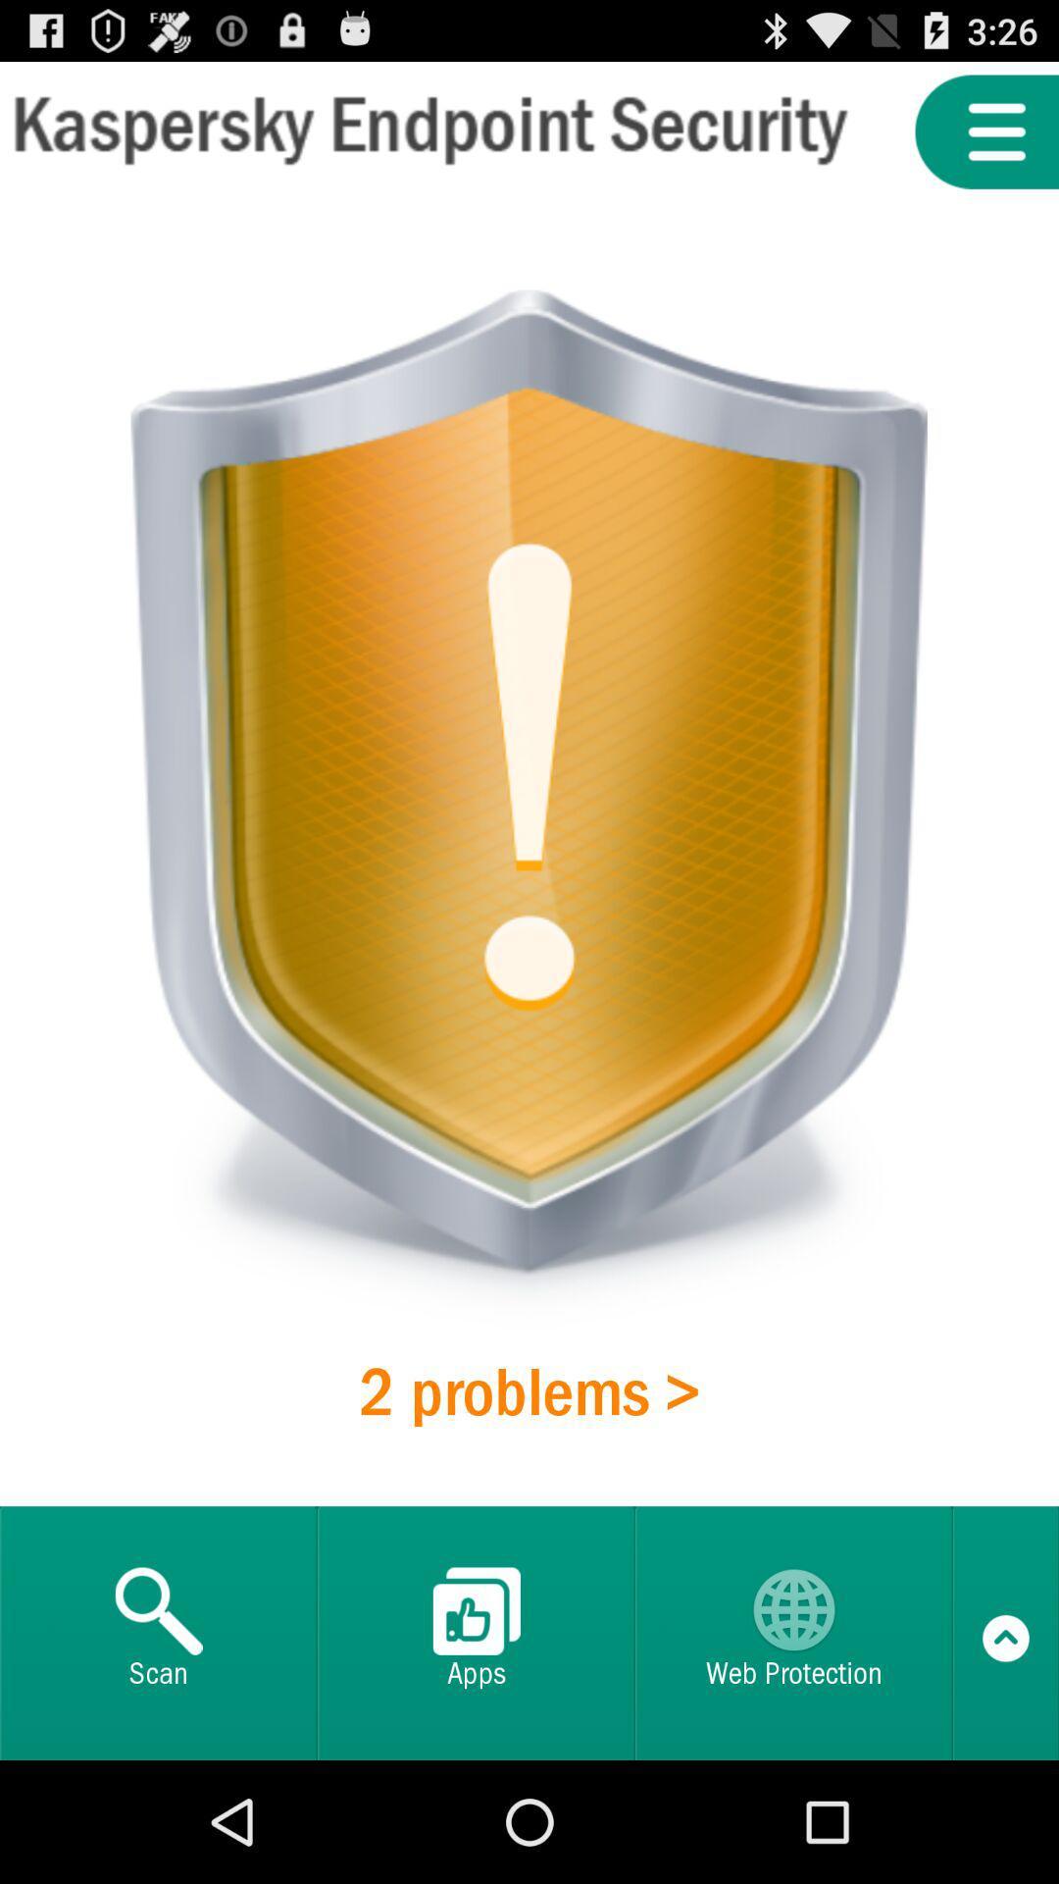 Image resolution: width=1059 pixels, height=1884 pixels. What do you see at coordinates (986, 131) in the screenshot?
I see `open menu` at bounding box center [986, 131].